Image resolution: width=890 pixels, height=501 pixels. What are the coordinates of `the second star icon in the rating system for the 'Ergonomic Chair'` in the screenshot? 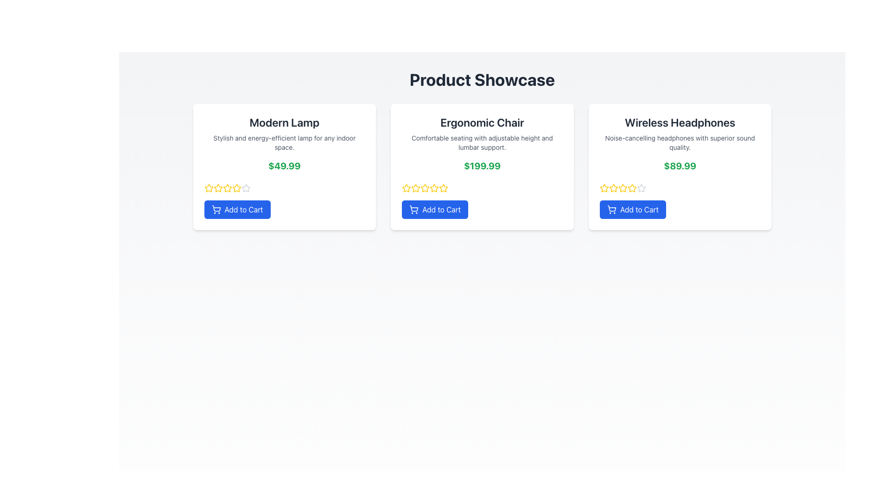 It's located at (415, 188).